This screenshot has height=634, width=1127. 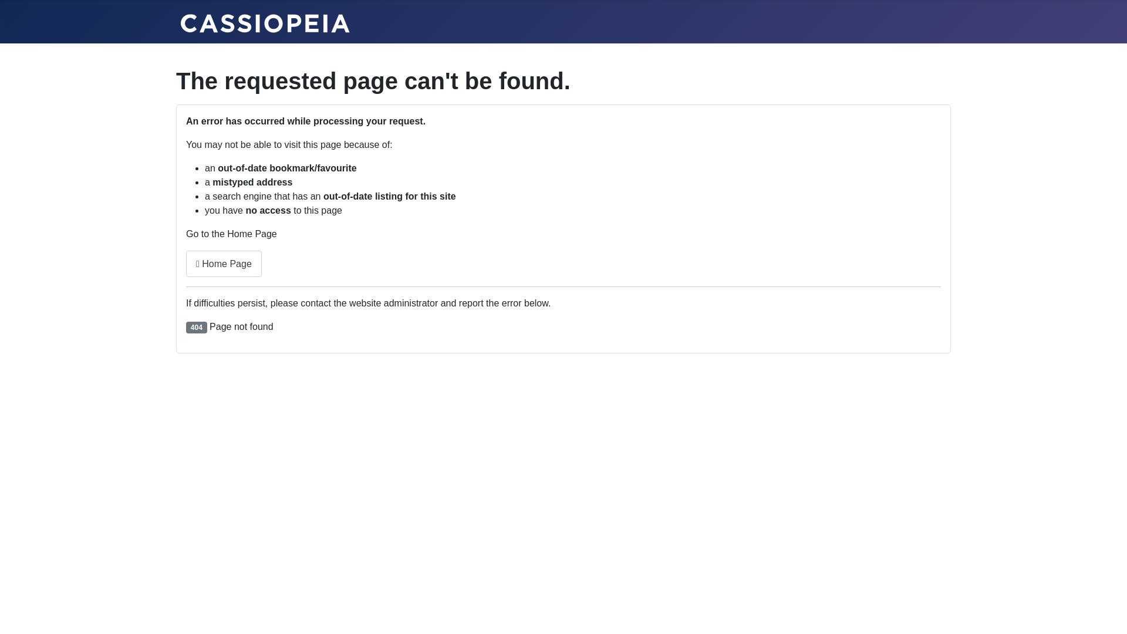 What do you see at coordinates (224, 263) in the screenshot?
I see `'Home Page'` at bounding box center [224, 263].